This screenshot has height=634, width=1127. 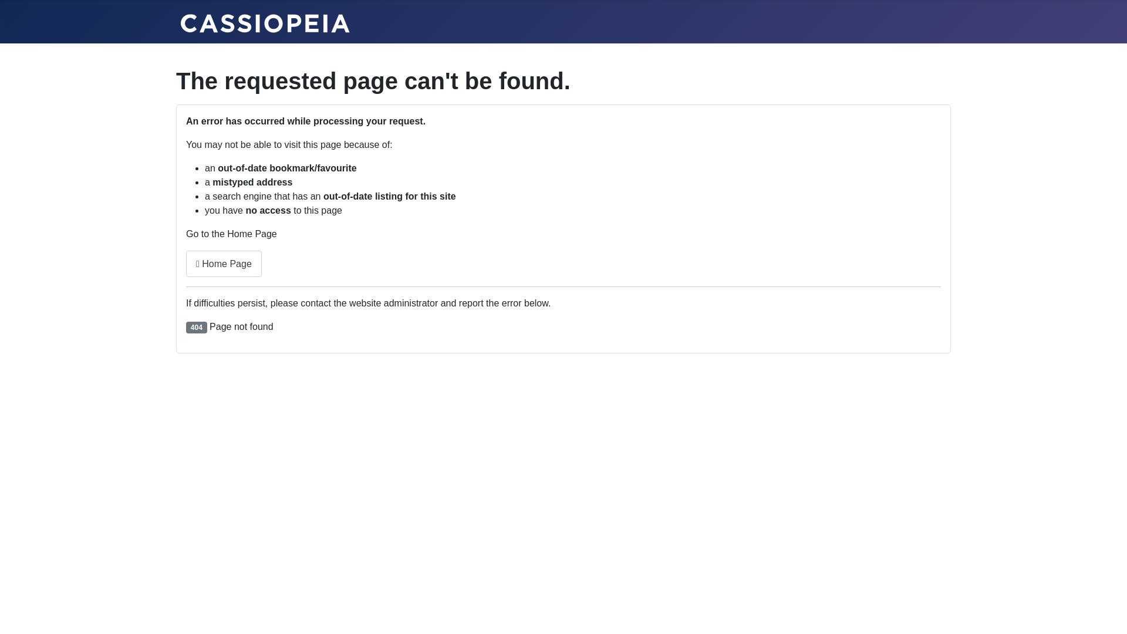 What do you see at coordinates (224, 263) in the screenshot?
I see `'Home Page'` at bounding box center [224, 263].